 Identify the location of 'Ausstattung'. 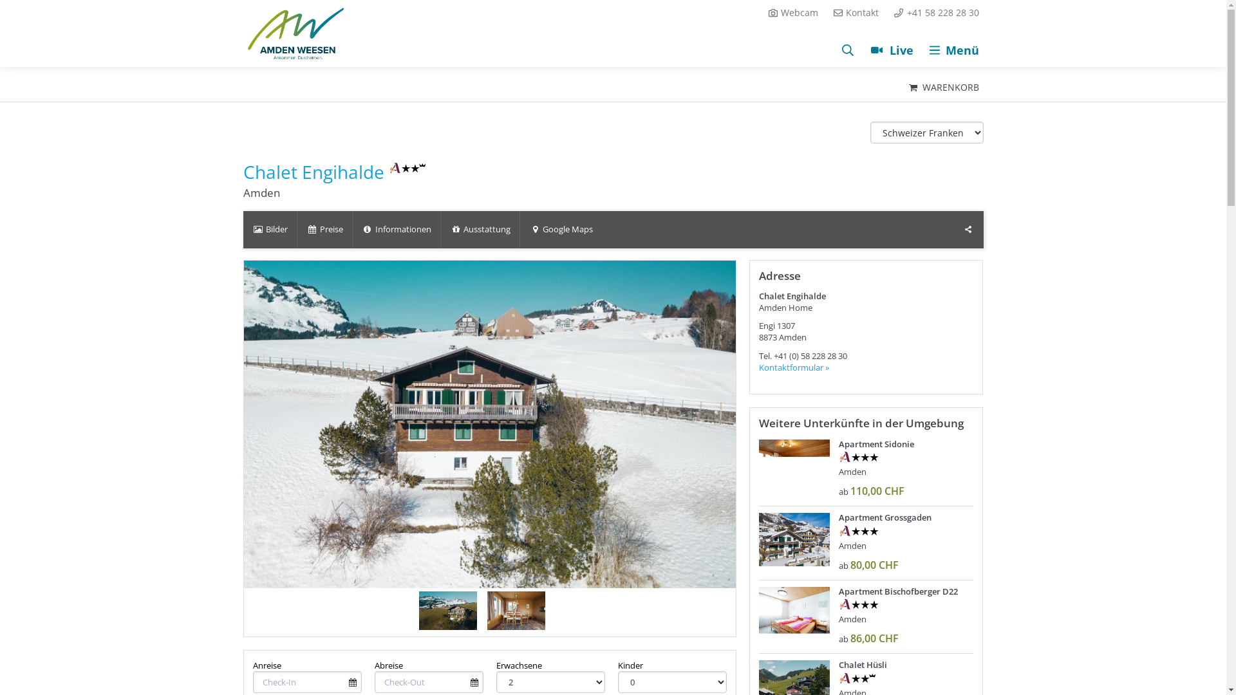
(479, 229).